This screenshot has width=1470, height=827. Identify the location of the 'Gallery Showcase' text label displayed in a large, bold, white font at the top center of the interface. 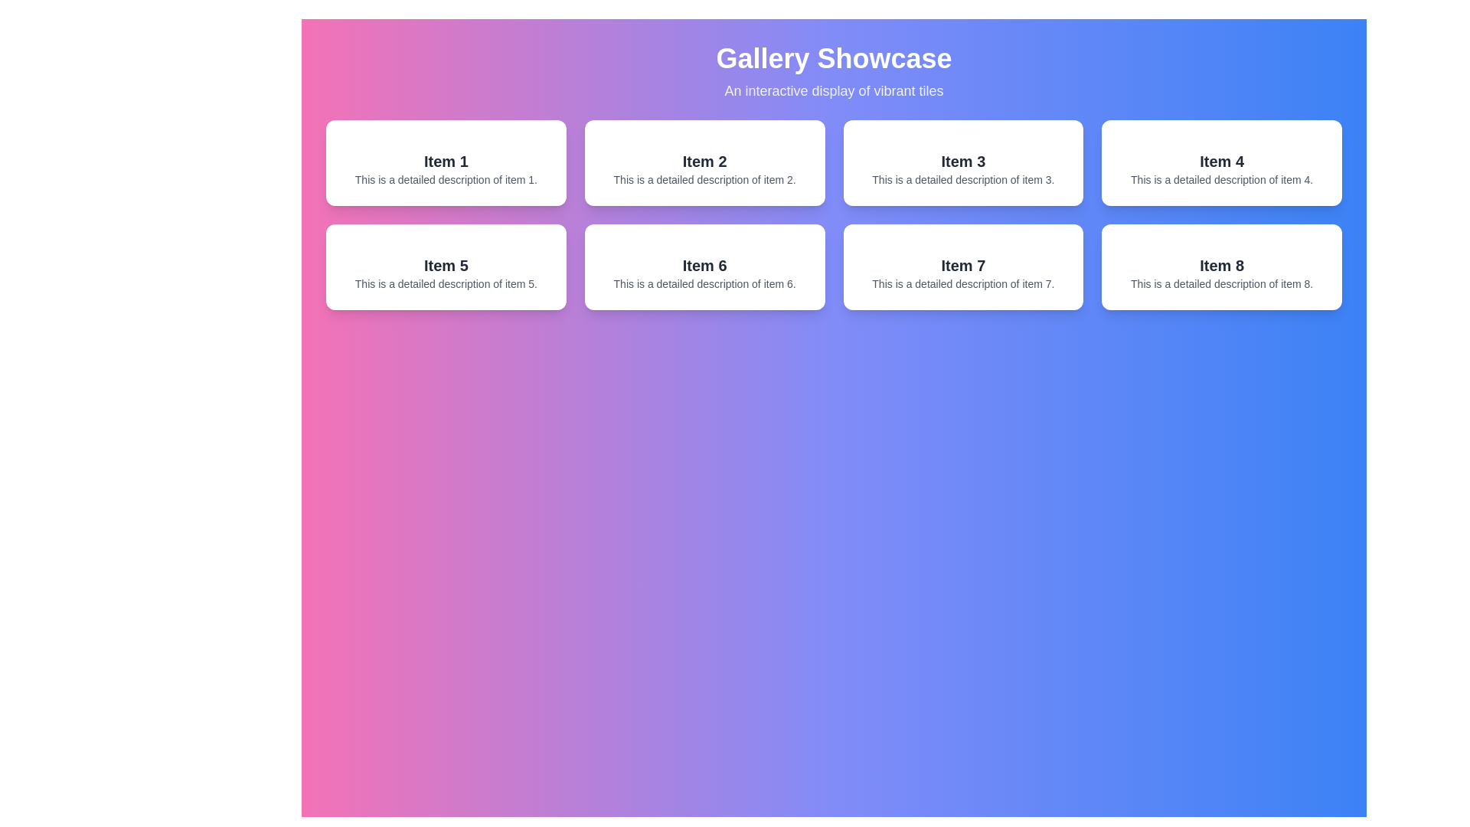
(833, 58).